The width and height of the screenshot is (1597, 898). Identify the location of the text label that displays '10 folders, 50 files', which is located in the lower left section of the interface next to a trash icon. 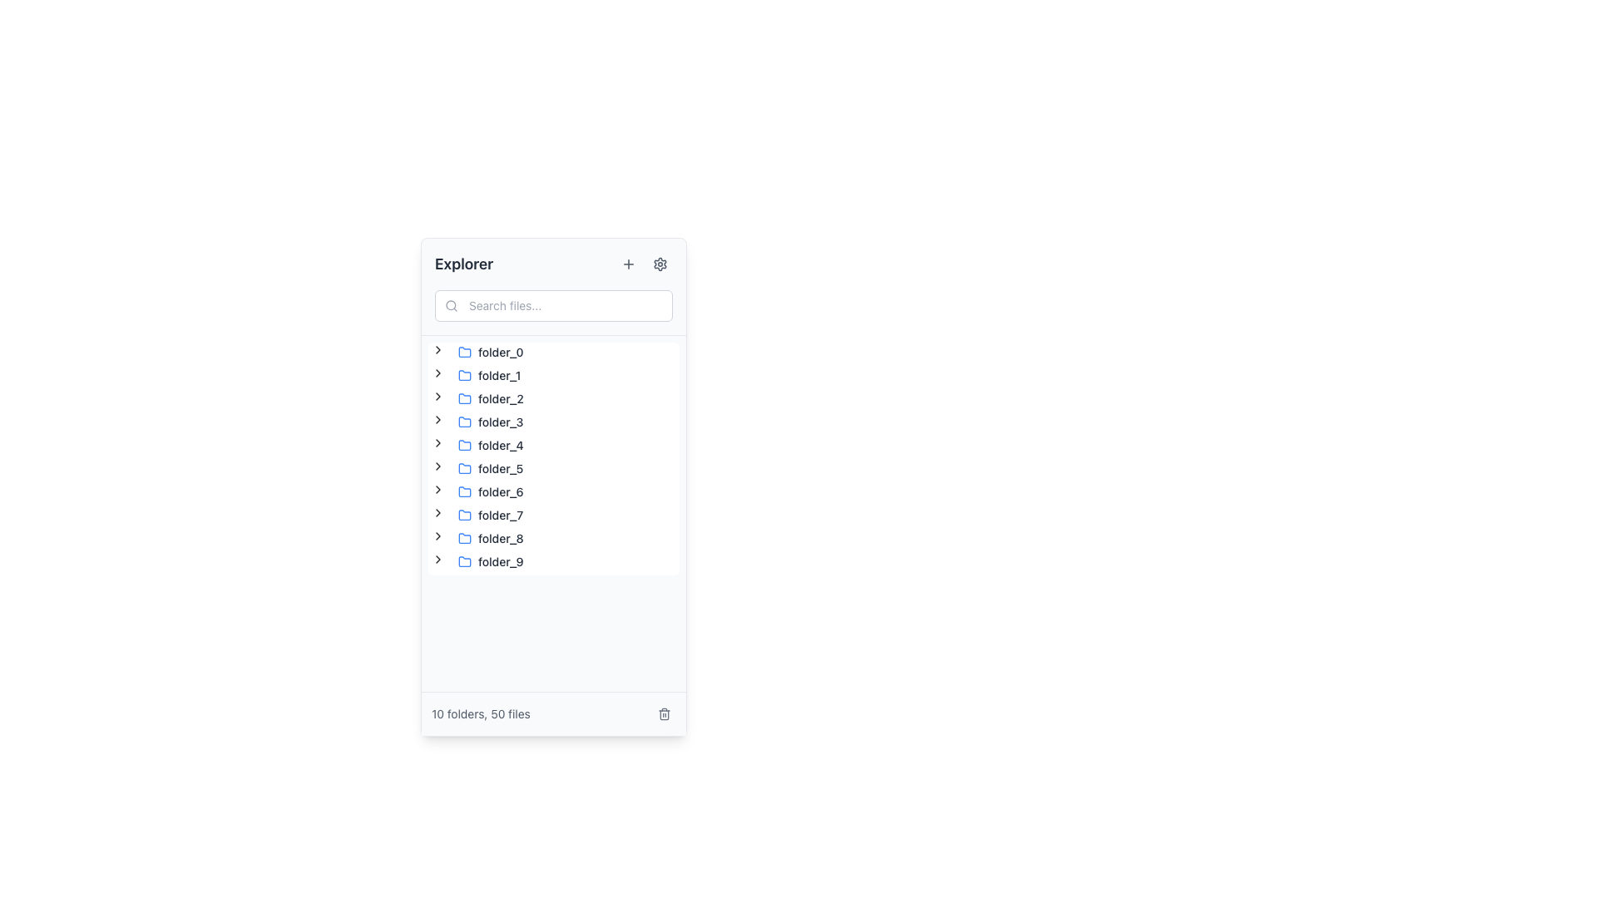
(480, 713).